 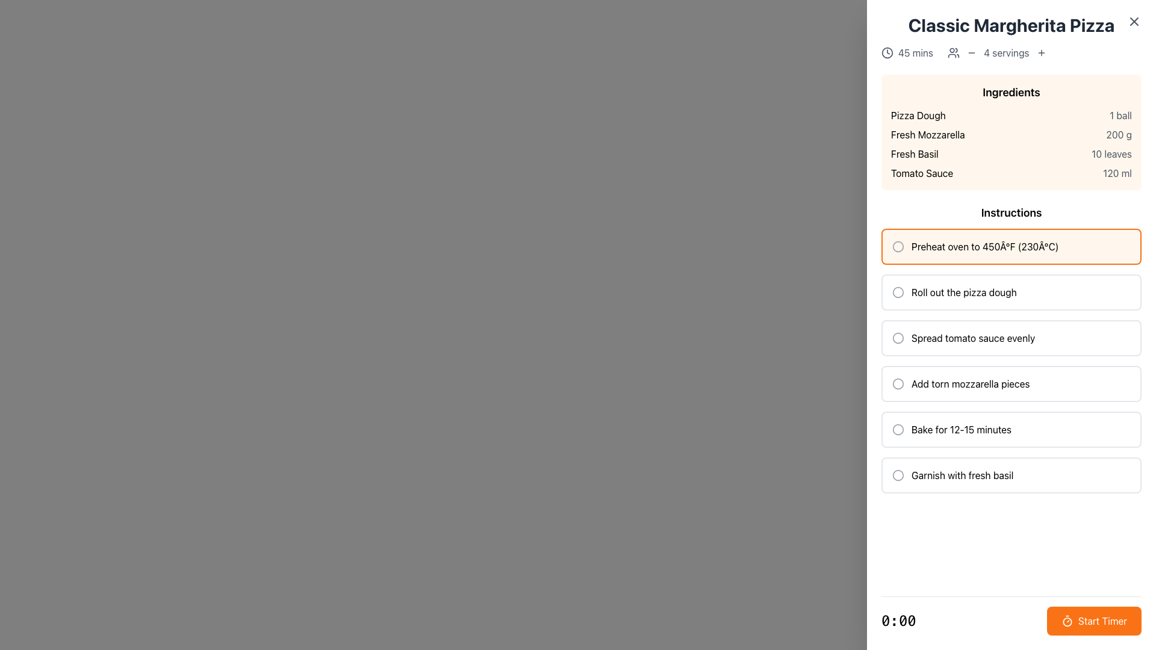 What do you see at coordinates (1111, 153) in the screenshot?
I see `the non-interactive label displaying the quantity of 'Fresh Basil' in the recipe's ingredient list` at bounding box center [1111, 153].